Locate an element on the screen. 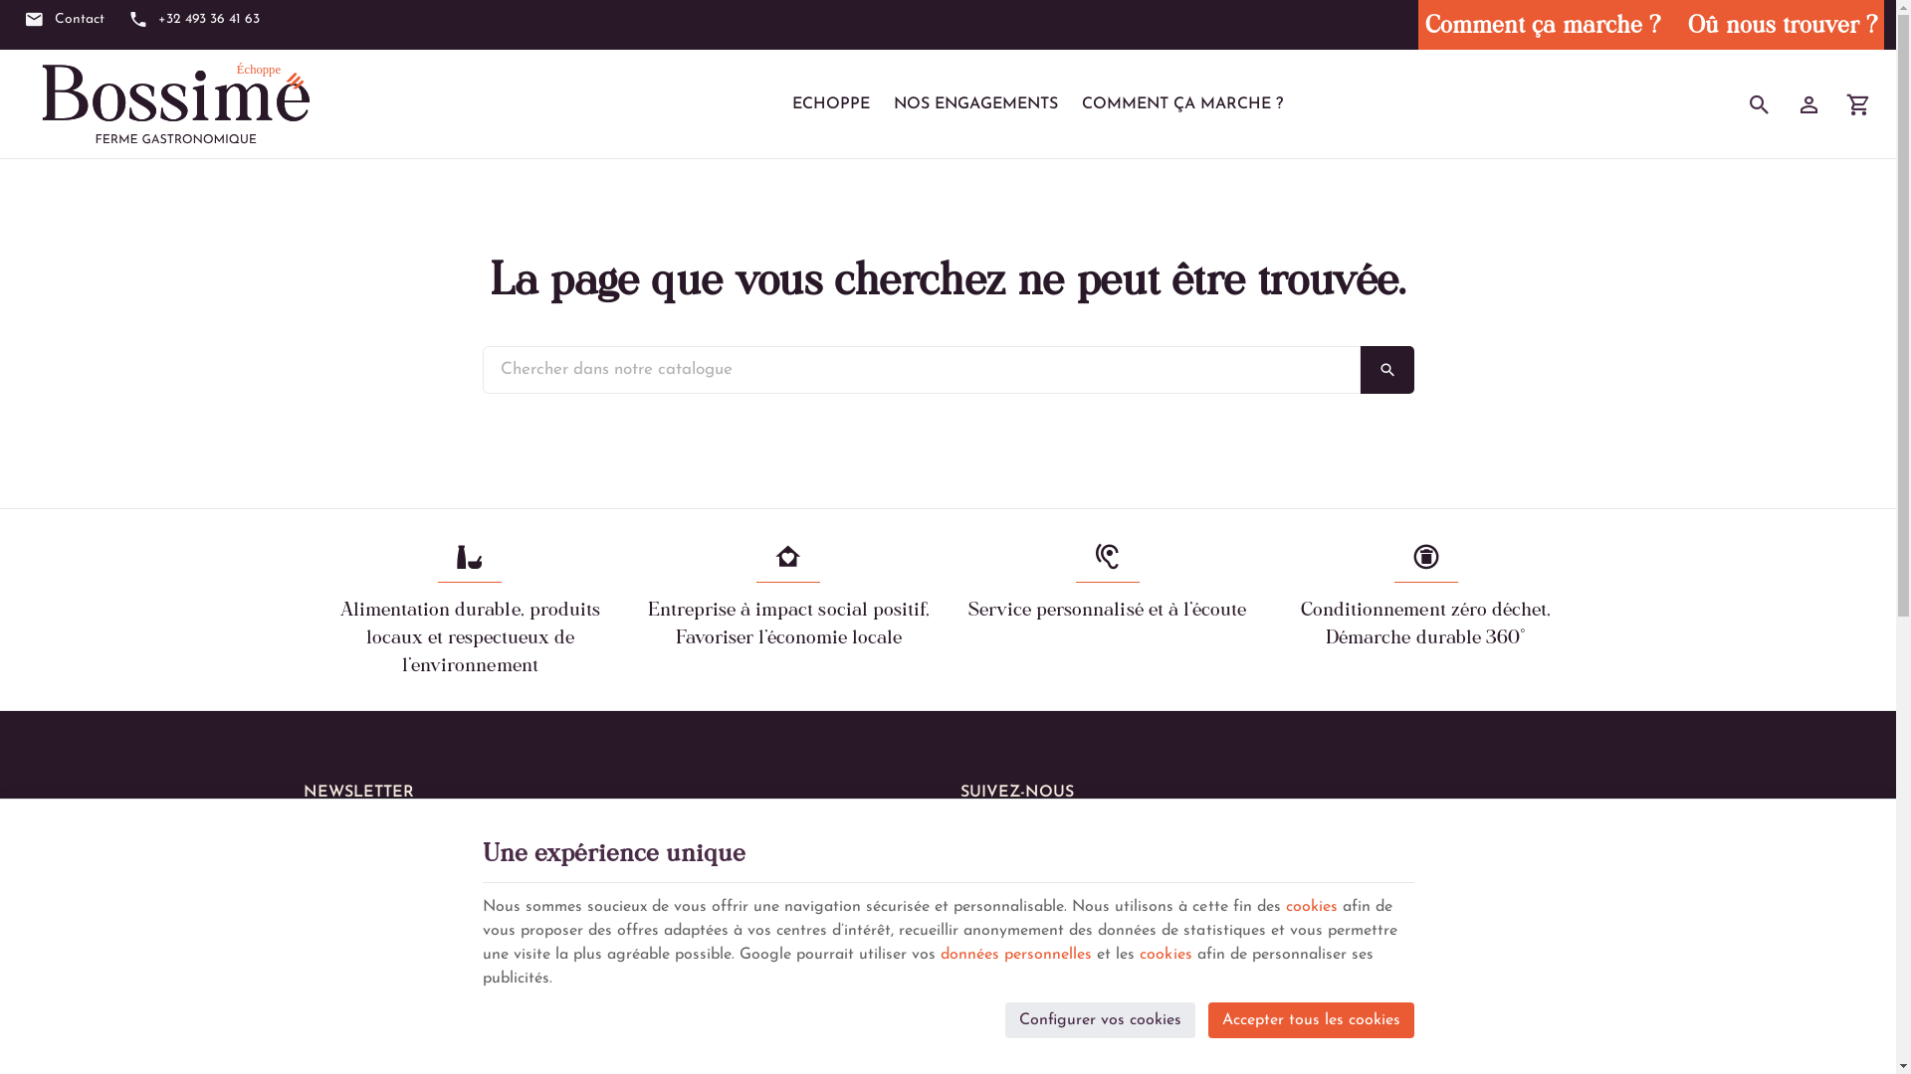 The image size is (1911, 1074). 'Mon compte' is located at coordinates (1809, 103).